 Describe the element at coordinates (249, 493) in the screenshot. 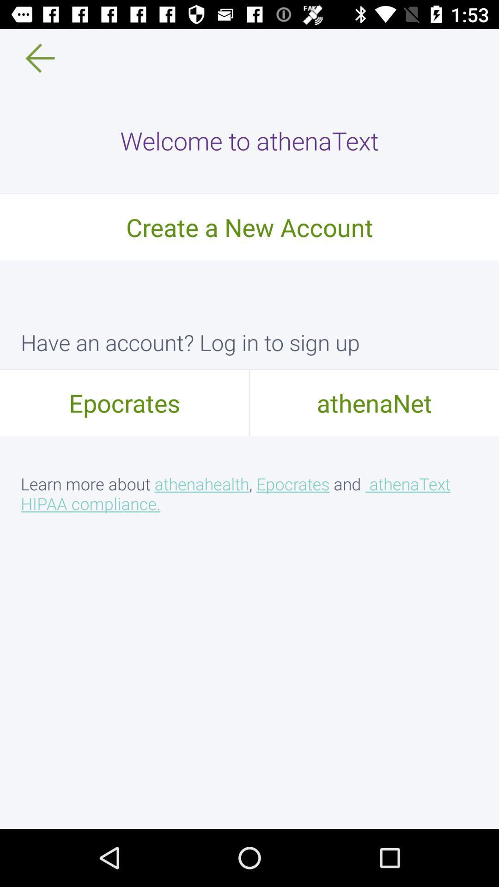

I see `the learn more about` at that location.